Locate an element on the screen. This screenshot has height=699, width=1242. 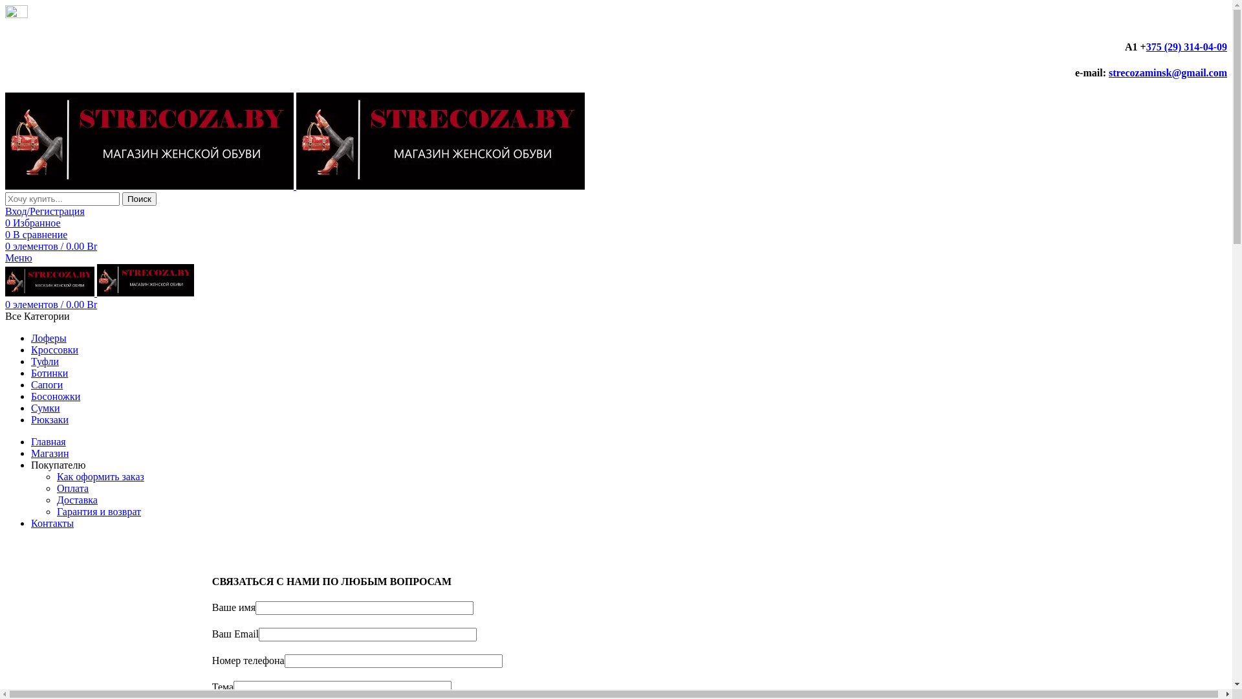
'strecozaminsk@gmail.com' is located at coordinates (1168, 72).